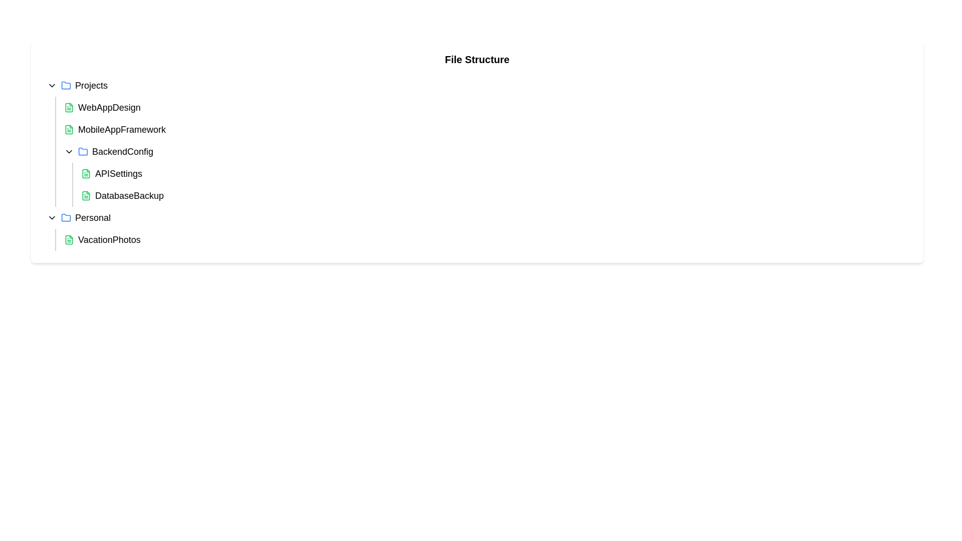  I want to click on the blue open folder icon located within the 'BackendConfig' item under 'Projects', positioned above the 'APISettings' and 'DatabaseBackup' files, so click(66, 85).